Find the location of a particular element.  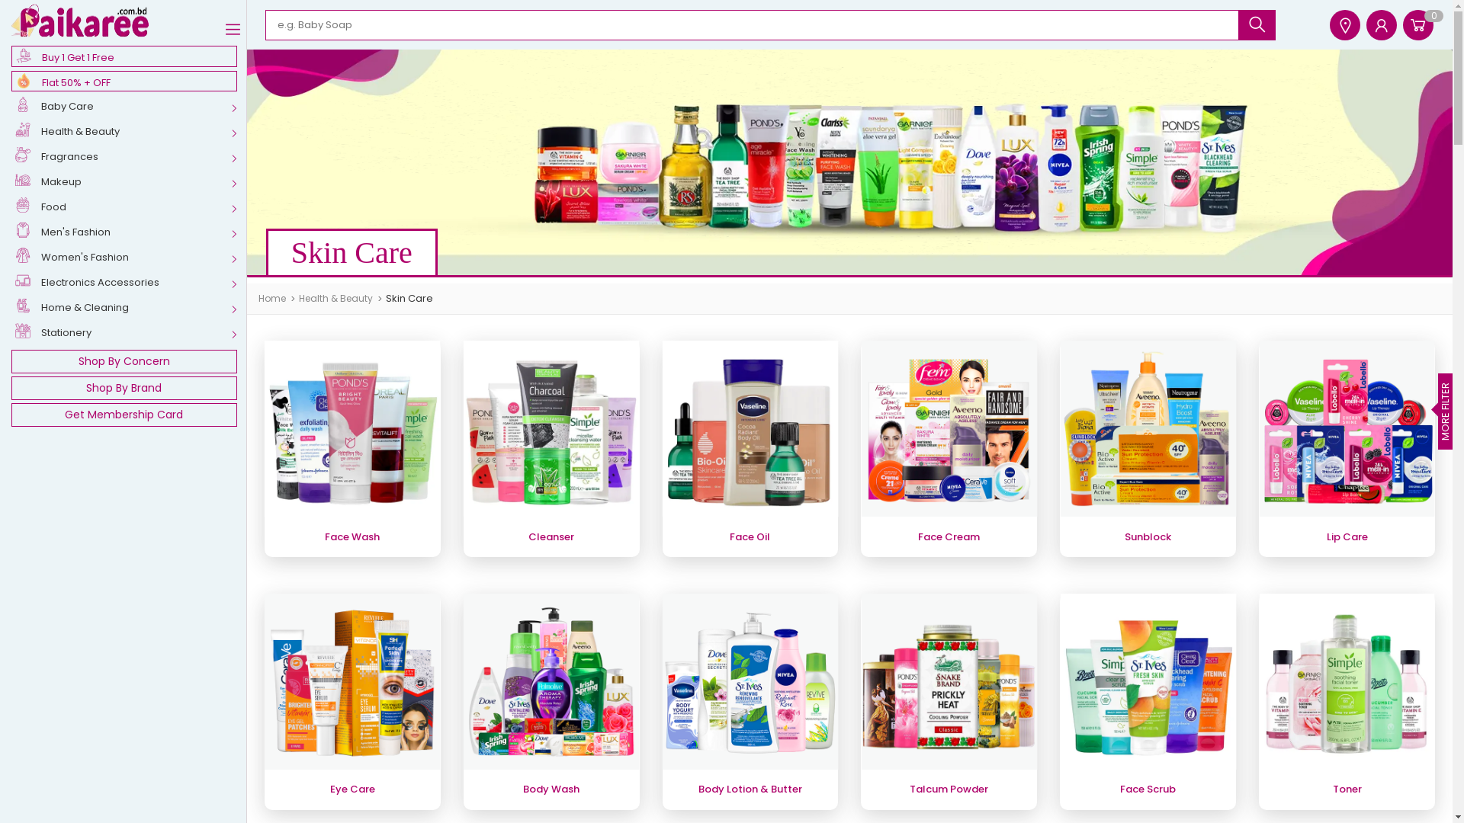

'Food' is located at coordinates (128, 208).